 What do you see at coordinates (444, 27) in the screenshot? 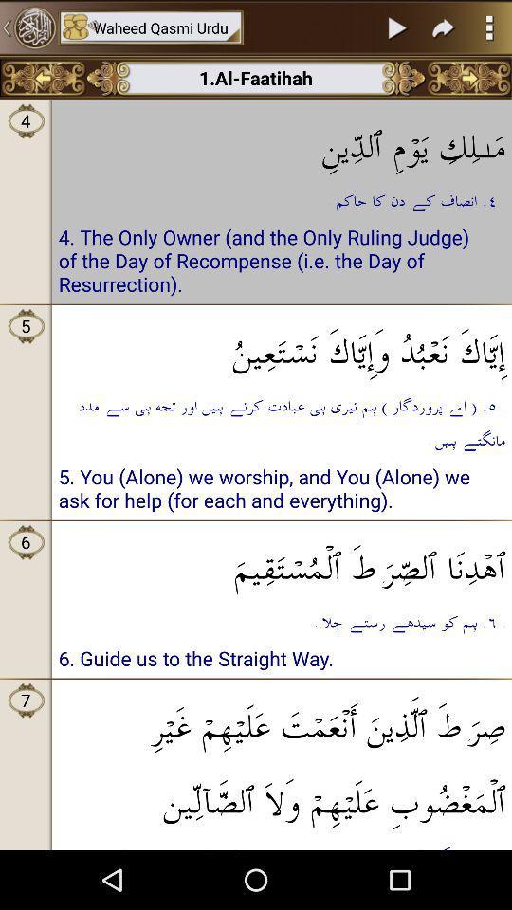
I see `go next option` at bounding box center [444, 27].